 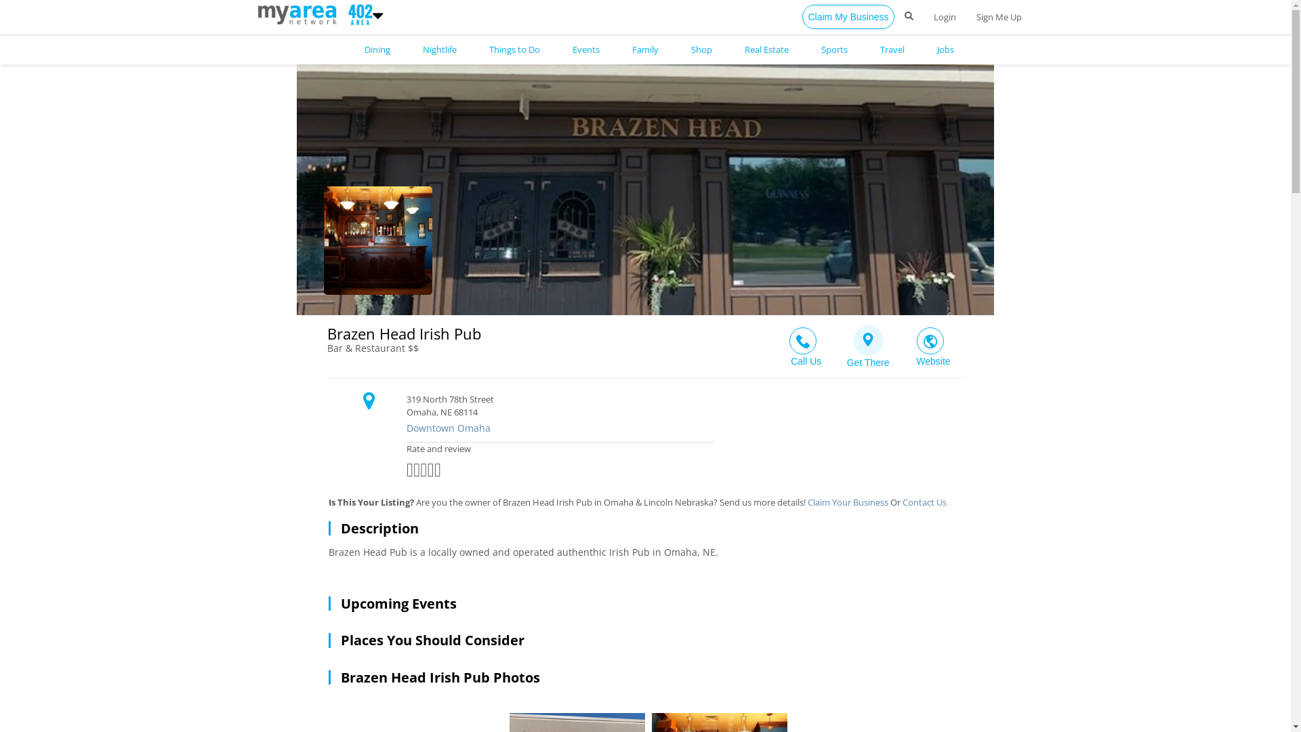 I want to click on 'https://www.402area.com', so click(x=257, y=13).